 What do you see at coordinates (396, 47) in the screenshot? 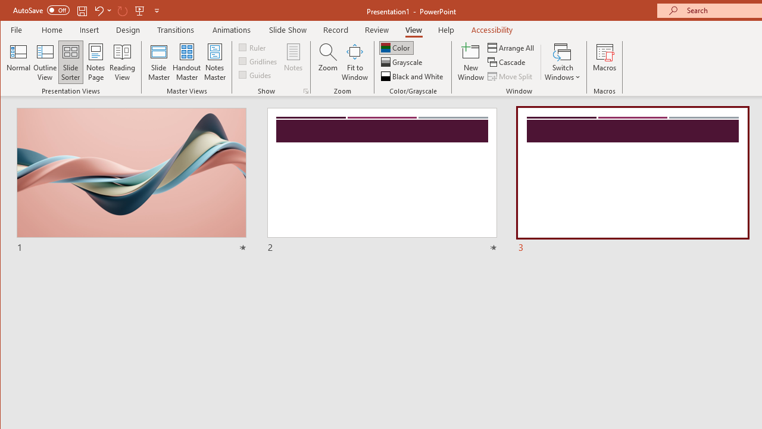
I see `'Color'` at bounding box center [396, 47].